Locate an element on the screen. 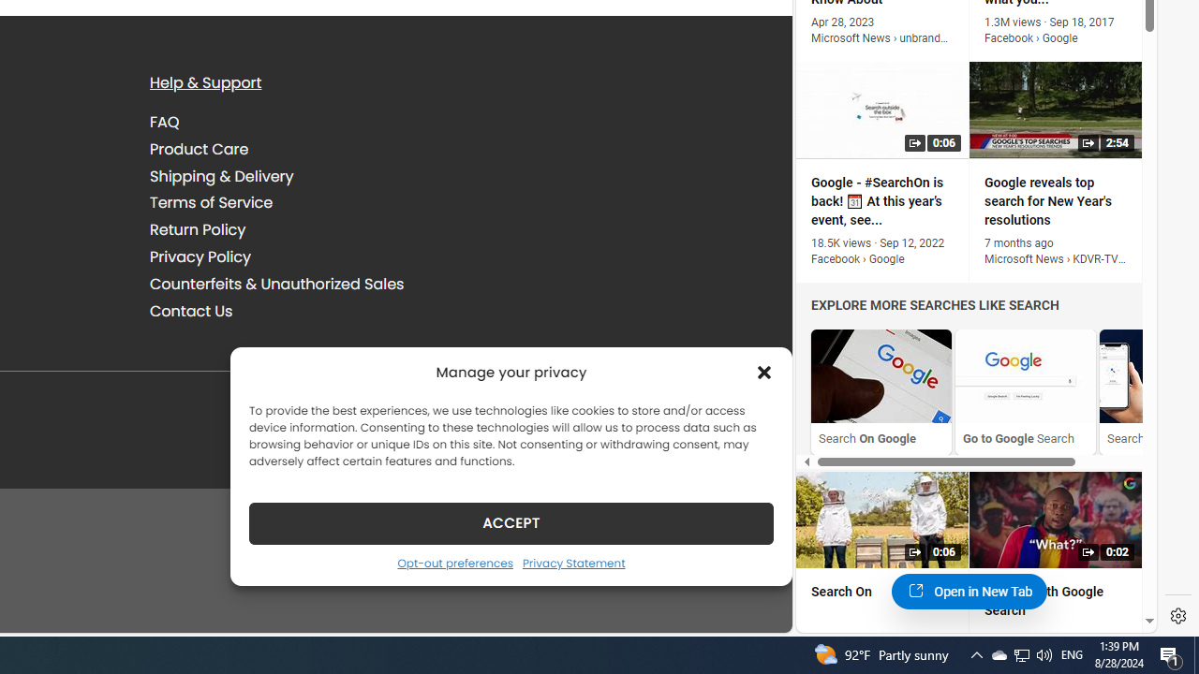  'ACCEPT' is located at coordinates (511, 522).